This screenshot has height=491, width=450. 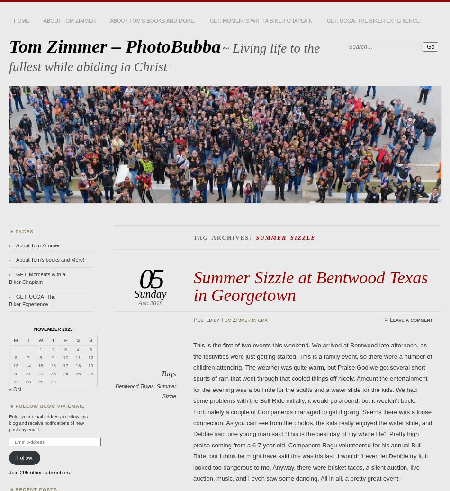 What do you see at coordinates (40, 365) in the screenshot?
I see `'15'` at bounding box center [40, 365].